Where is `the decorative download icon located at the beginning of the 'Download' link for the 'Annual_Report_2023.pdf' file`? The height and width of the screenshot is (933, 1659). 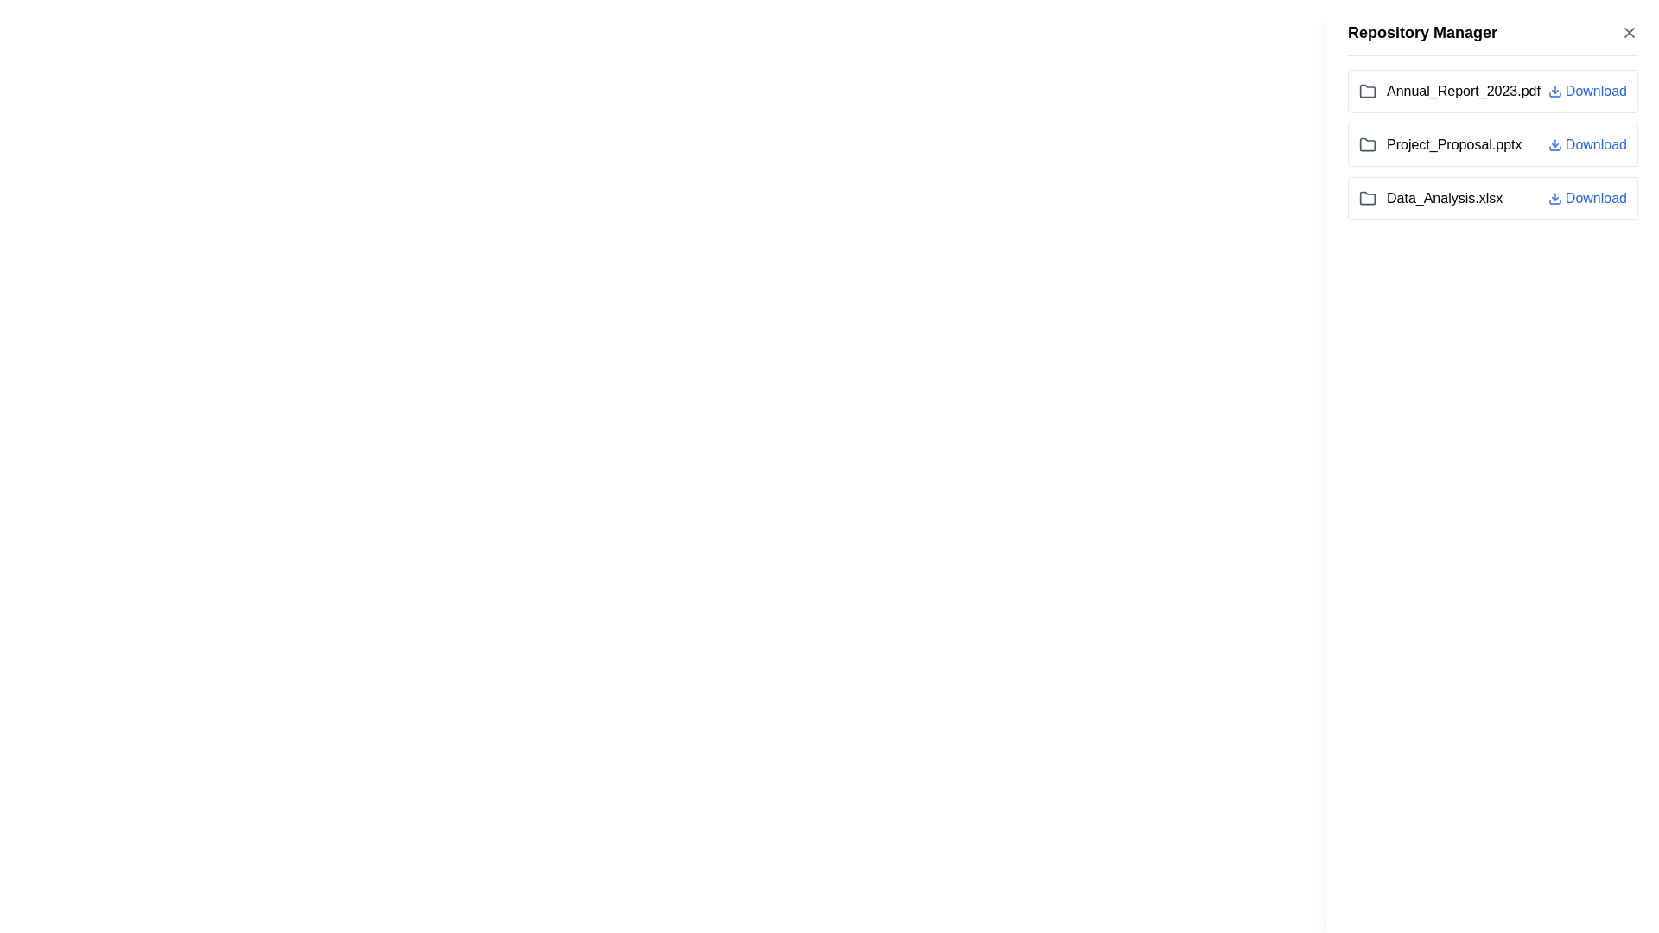 the decorative download icon located at the beginning of the 'Download' link for the 'Annual_Report_2023.pdf' file is located at coordinates (1554, 91).